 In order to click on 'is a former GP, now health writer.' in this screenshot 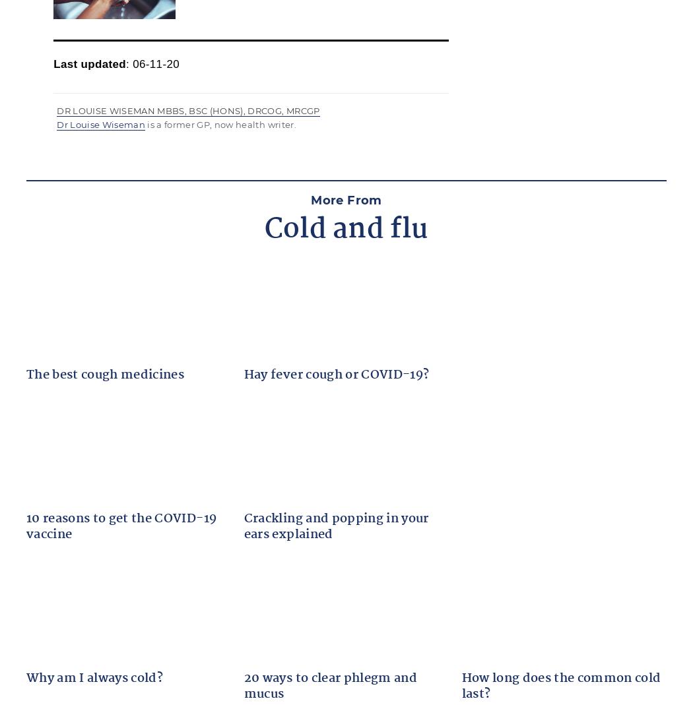, I will do `click(220, 124)`.